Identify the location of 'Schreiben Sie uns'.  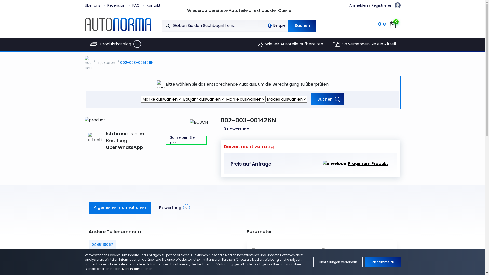
(186, 140).